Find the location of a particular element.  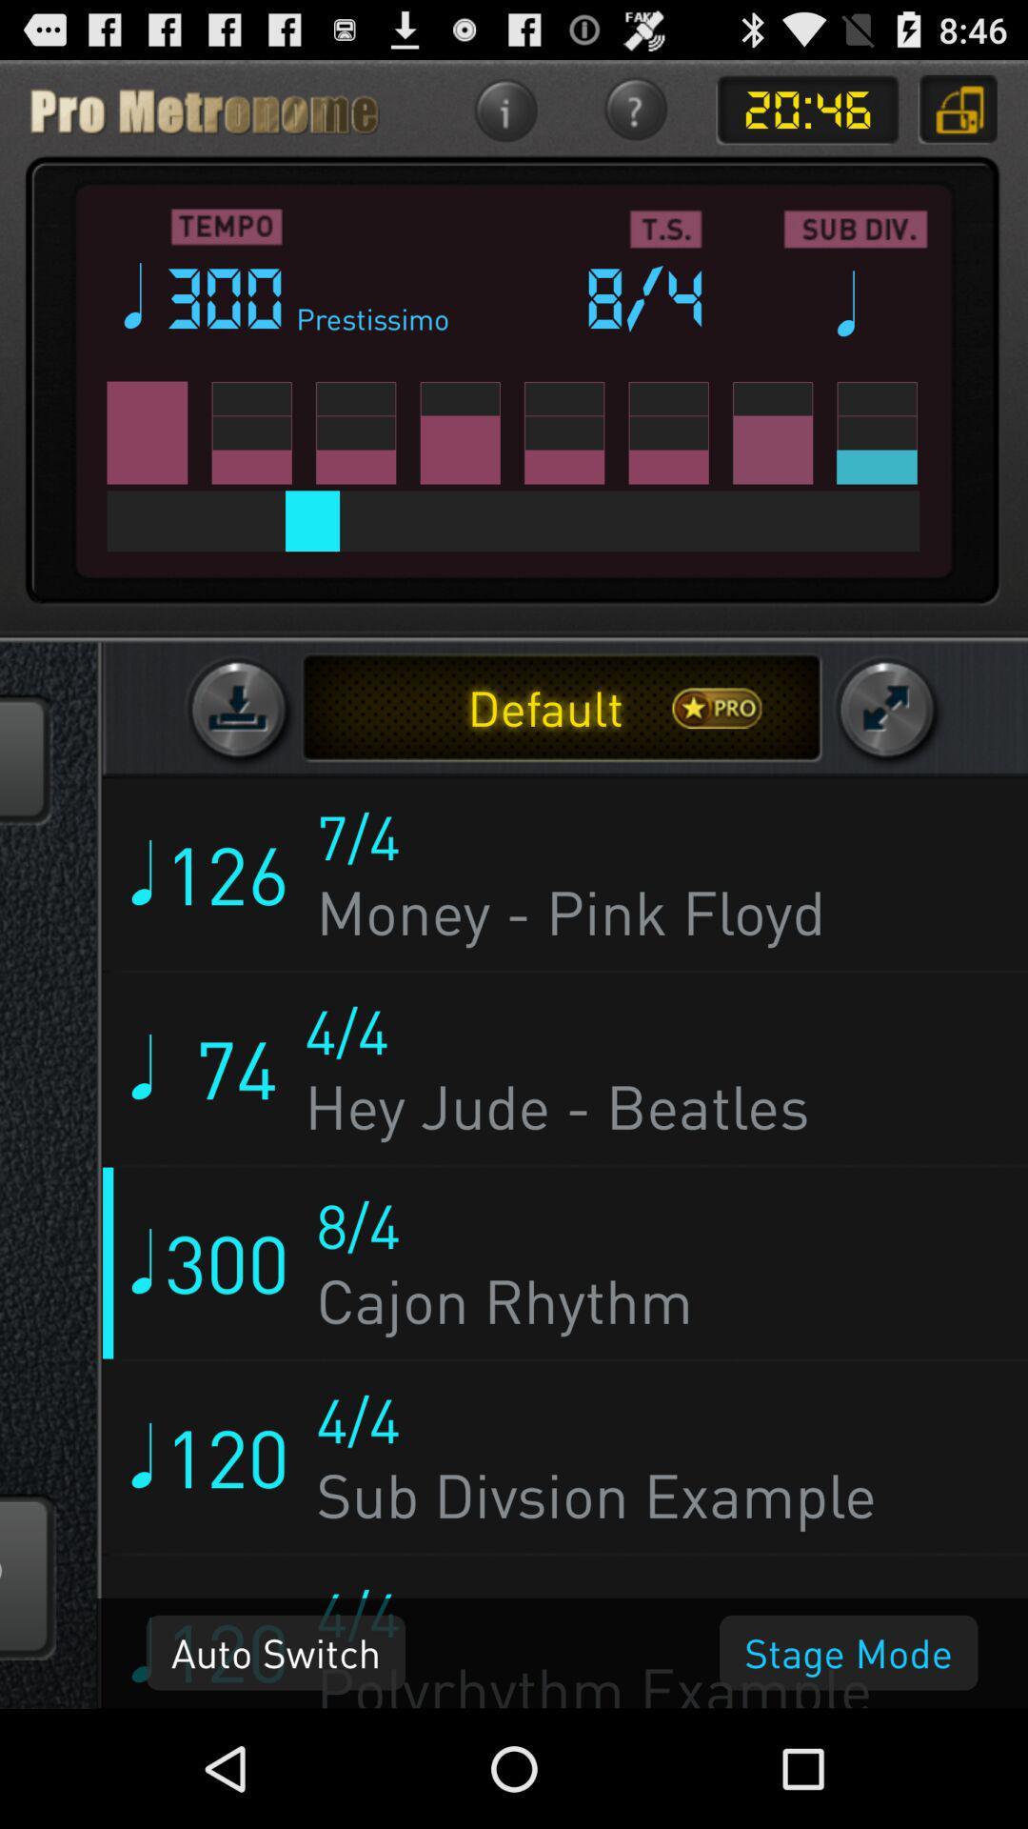

the text below the button tempo on the web page is located at coordinates (227, 296).